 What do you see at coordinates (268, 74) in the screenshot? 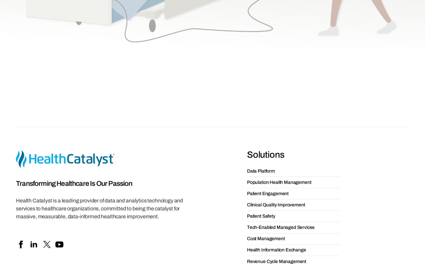
I see `'Patient Engagement'` at bounding box center [268, 74].